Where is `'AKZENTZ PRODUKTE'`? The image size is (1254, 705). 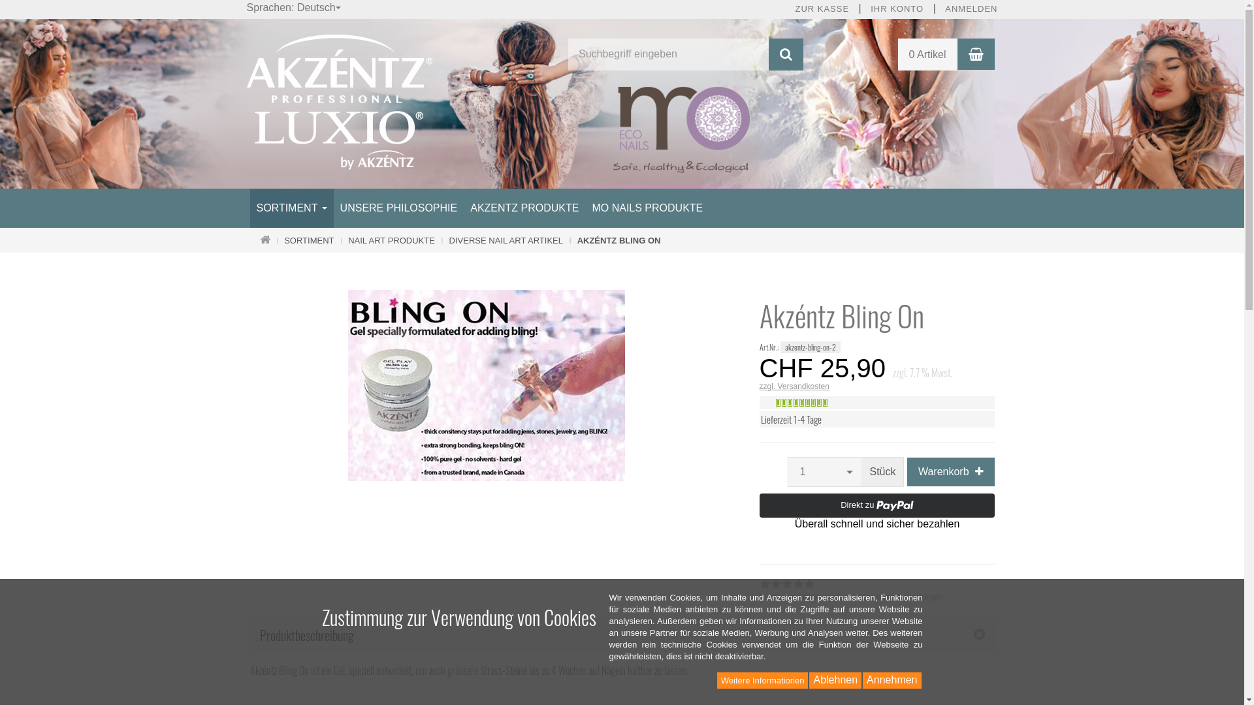 'AKZENTZ PRODUKTE' is located at coordinates (524, 208).